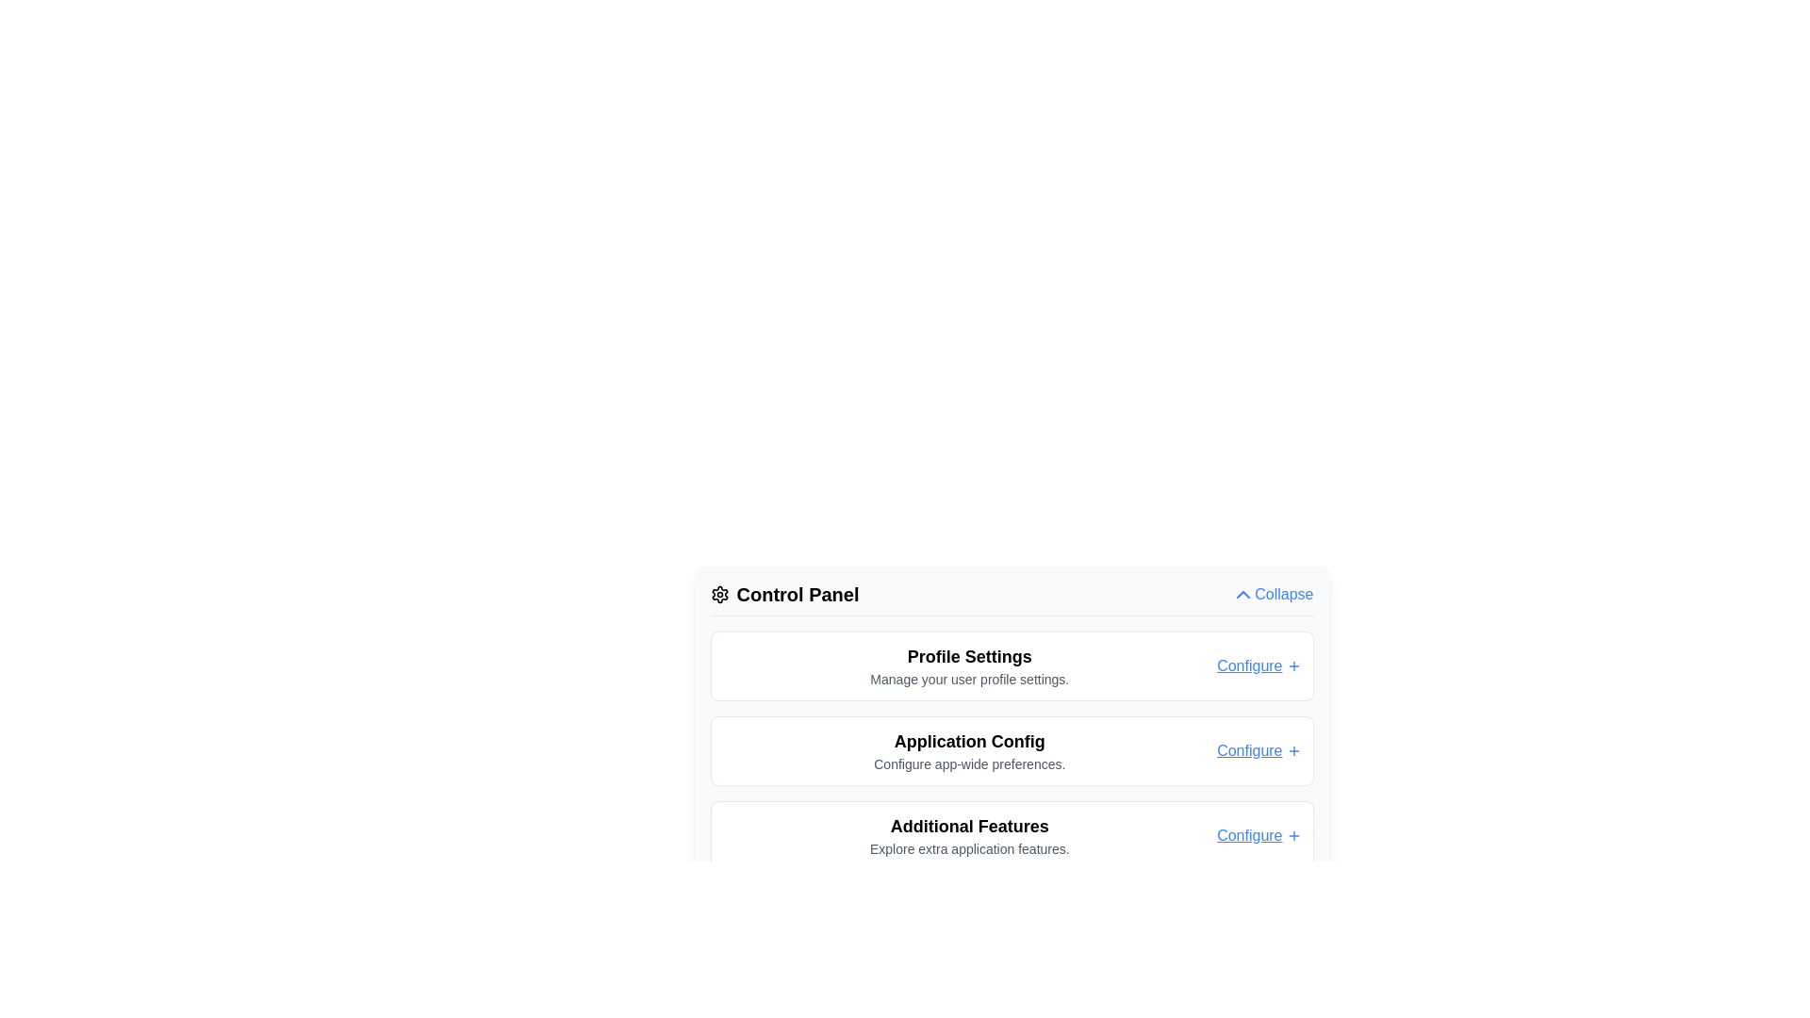  I want to click on title 'Additional Features' and the description 'Explore extra application features.' from the section box styled with rounded edges and a white background located in the Control Panel section, so click(1011, 835).